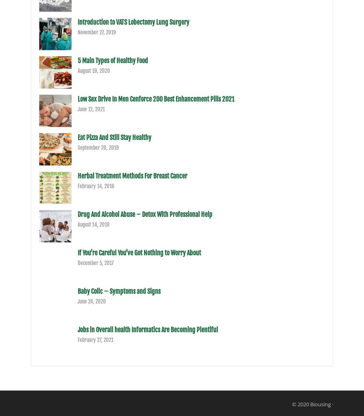  Describe the element at coordinates (95, 339) in the screenshot. I see `'February 27, 2021'` at that location.